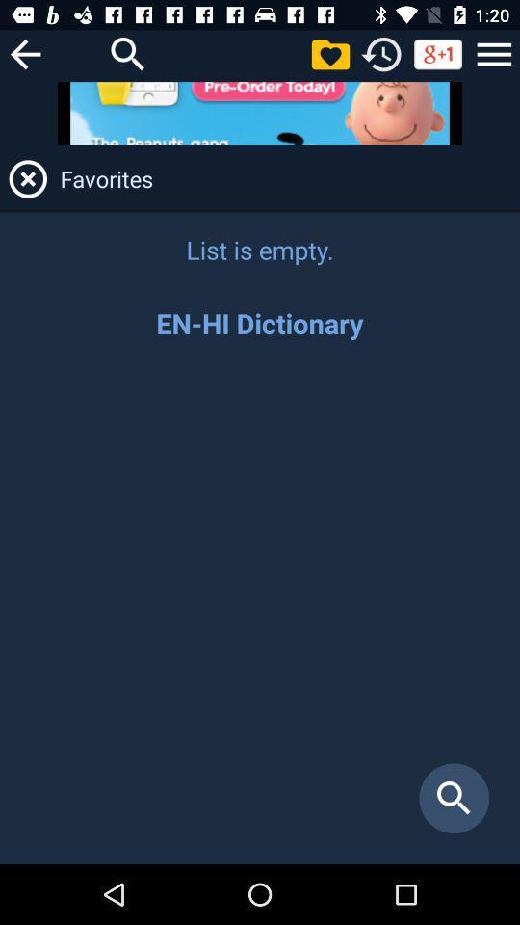 The image size is (520, 925). I want to click on replay, so click(381, 53).